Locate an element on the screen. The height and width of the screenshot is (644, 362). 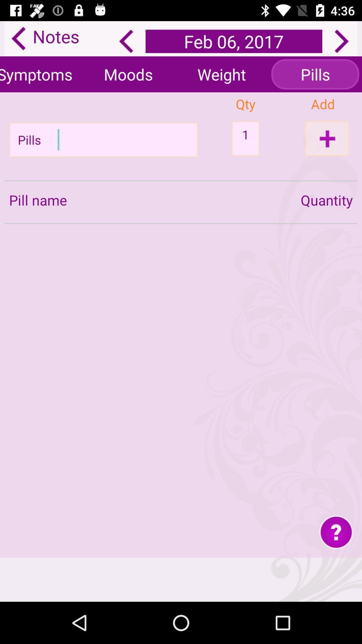
the help icon is located at coordinates (336, 531).